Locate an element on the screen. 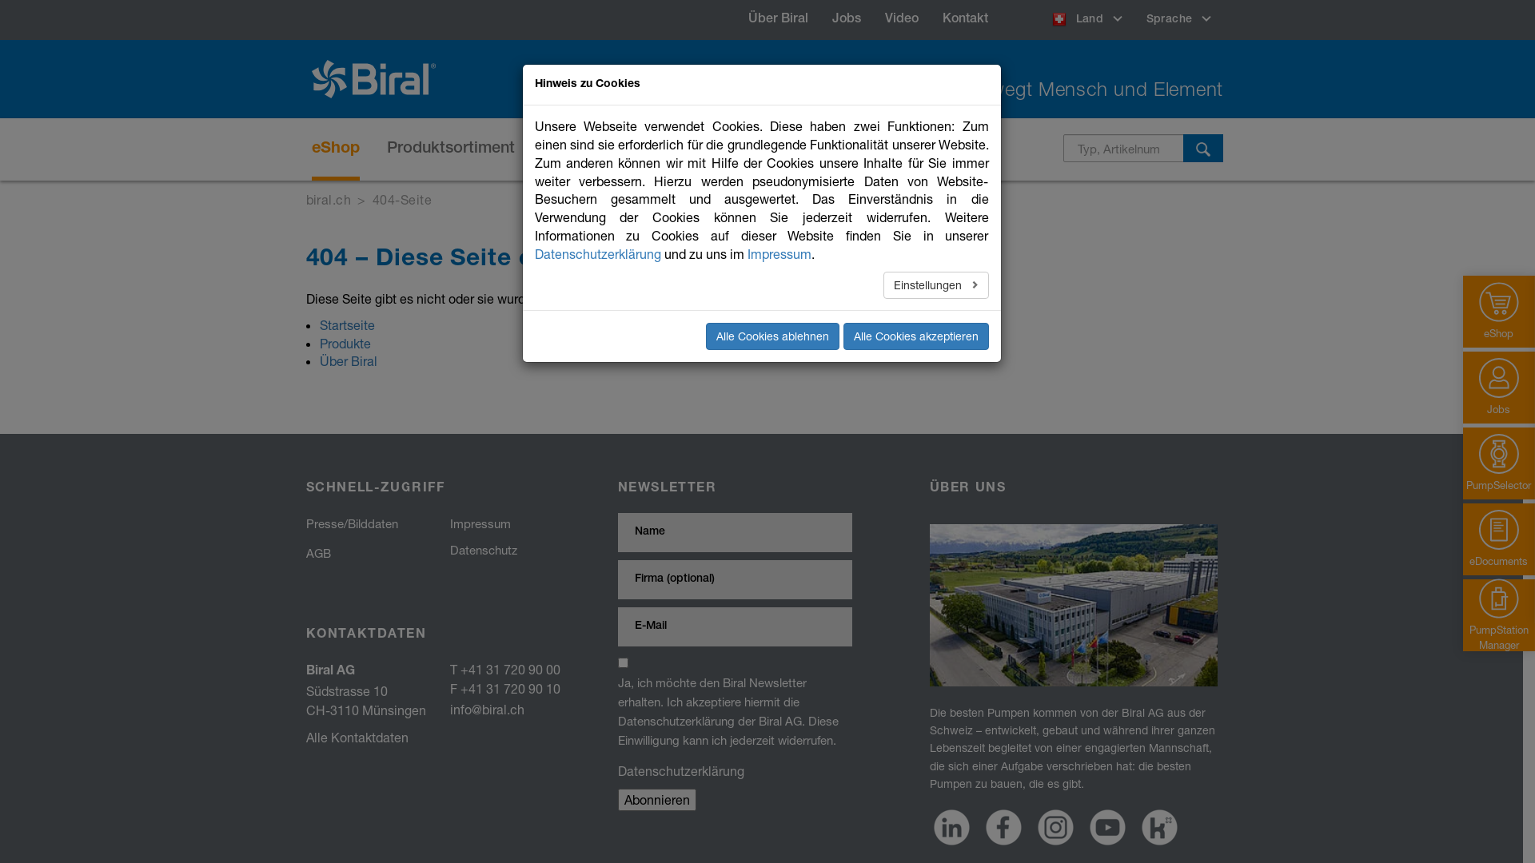 The image size is (1535, 863). 'Planungstools' is located at coordinates (754, 149).